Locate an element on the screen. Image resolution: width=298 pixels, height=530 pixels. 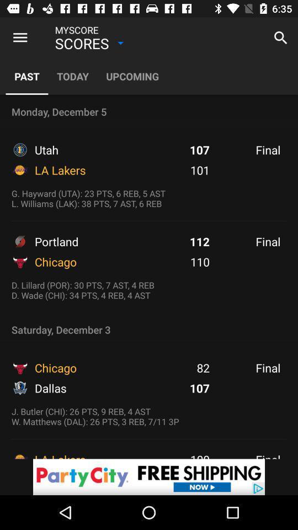
the icon beside dallas is located at coordinates (20, 388).